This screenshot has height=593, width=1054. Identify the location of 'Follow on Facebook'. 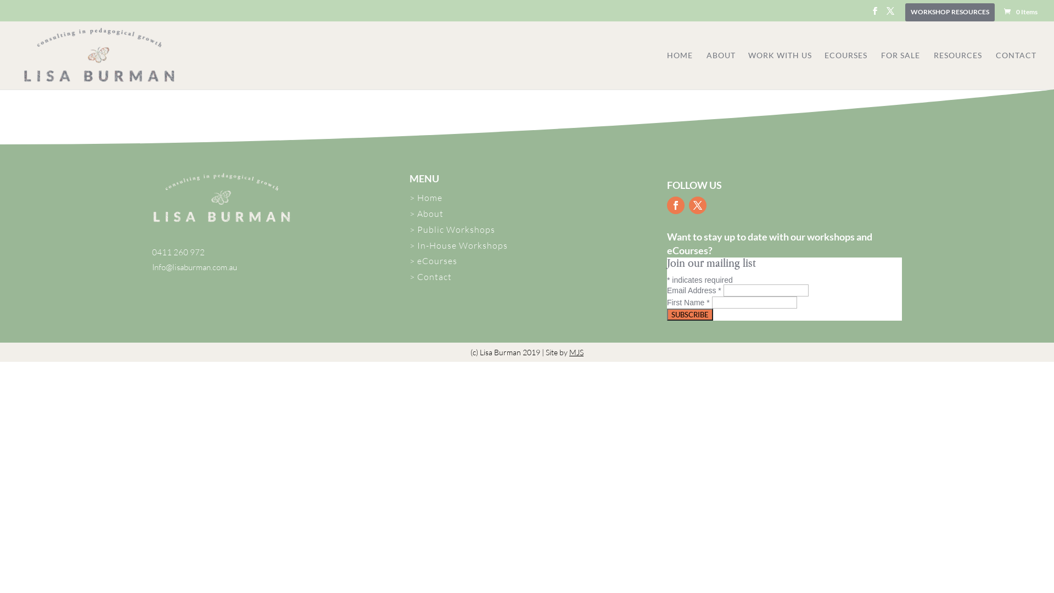
(675, 205).